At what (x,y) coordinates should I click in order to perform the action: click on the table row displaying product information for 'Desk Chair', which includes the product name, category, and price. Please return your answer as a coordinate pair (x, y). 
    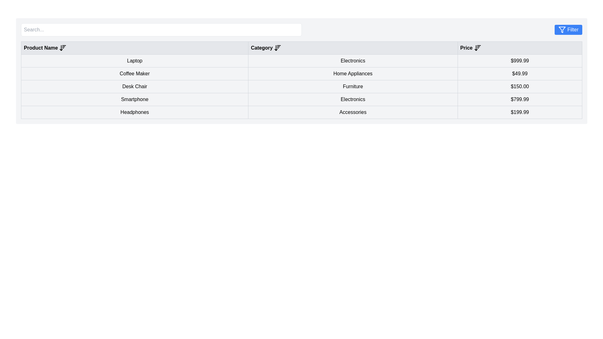
    Looking at the image, I should click on (301, 87).